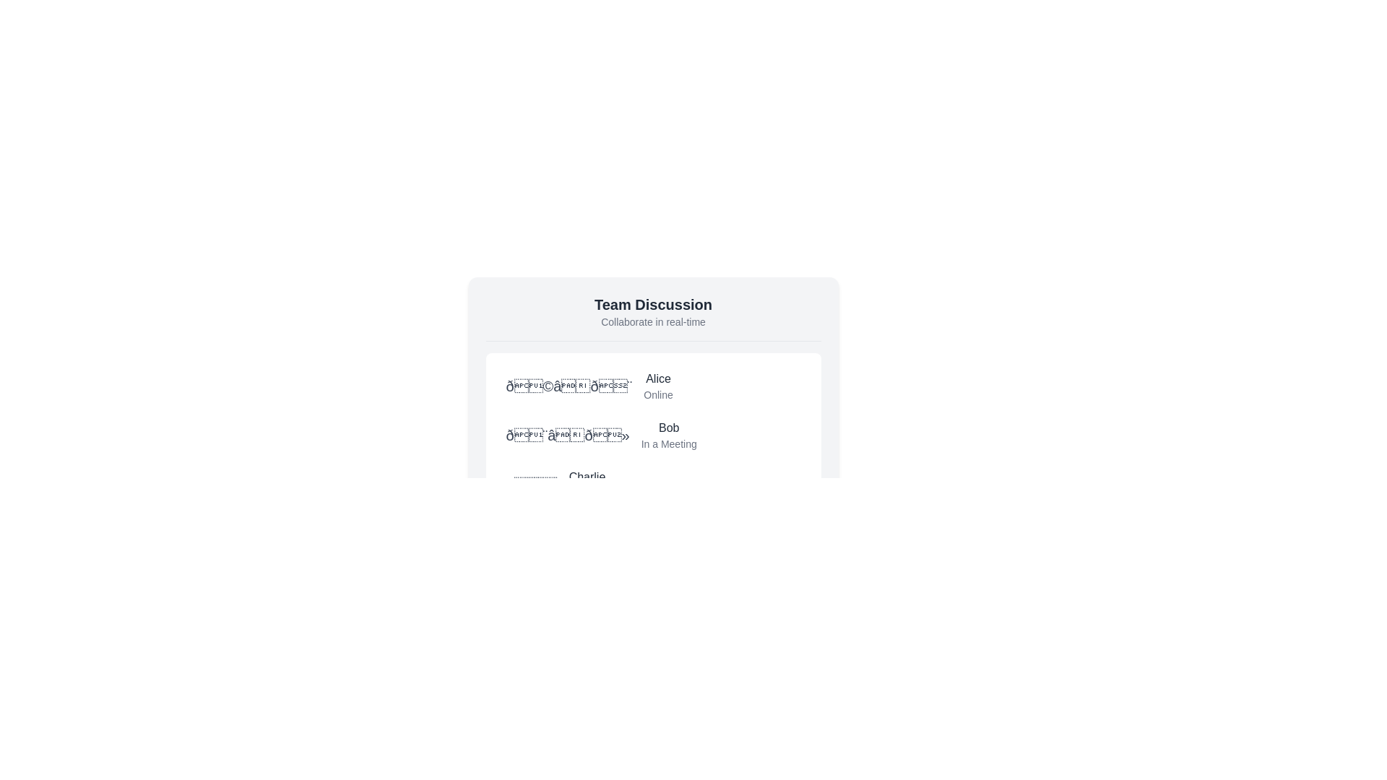  What do you see at coordinates (587, 485) in the screenshot?
I see `the text display element that shows 'Charlie' in bold gray font` at bounding box center [587, 485].